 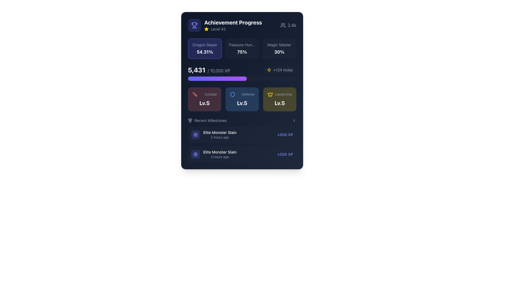 What do you see at coordinates (242, 94) in the screenshot?
I see `the 'Defense' text label styled in light gray, located next to a blue shield icon within a card-like component` at bounding box center [242, 94].